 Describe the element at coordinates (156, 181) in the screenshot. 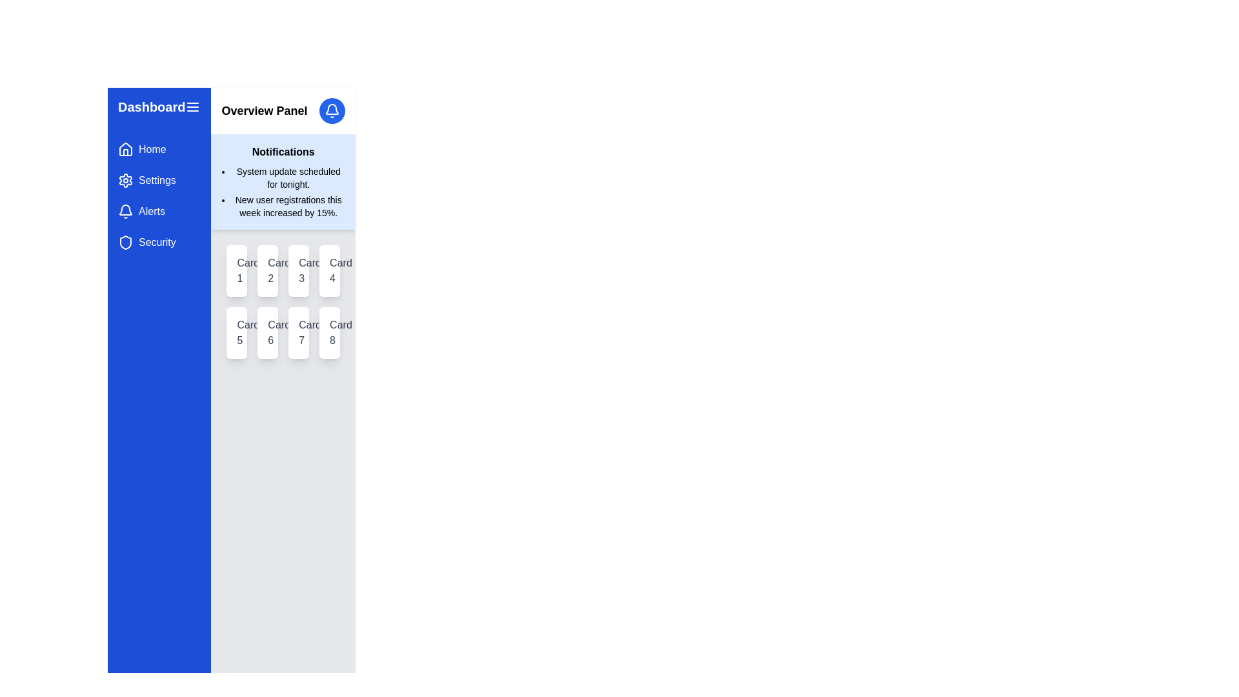

I see `the 'Settings' label on the vertical navigation bar` at that location.